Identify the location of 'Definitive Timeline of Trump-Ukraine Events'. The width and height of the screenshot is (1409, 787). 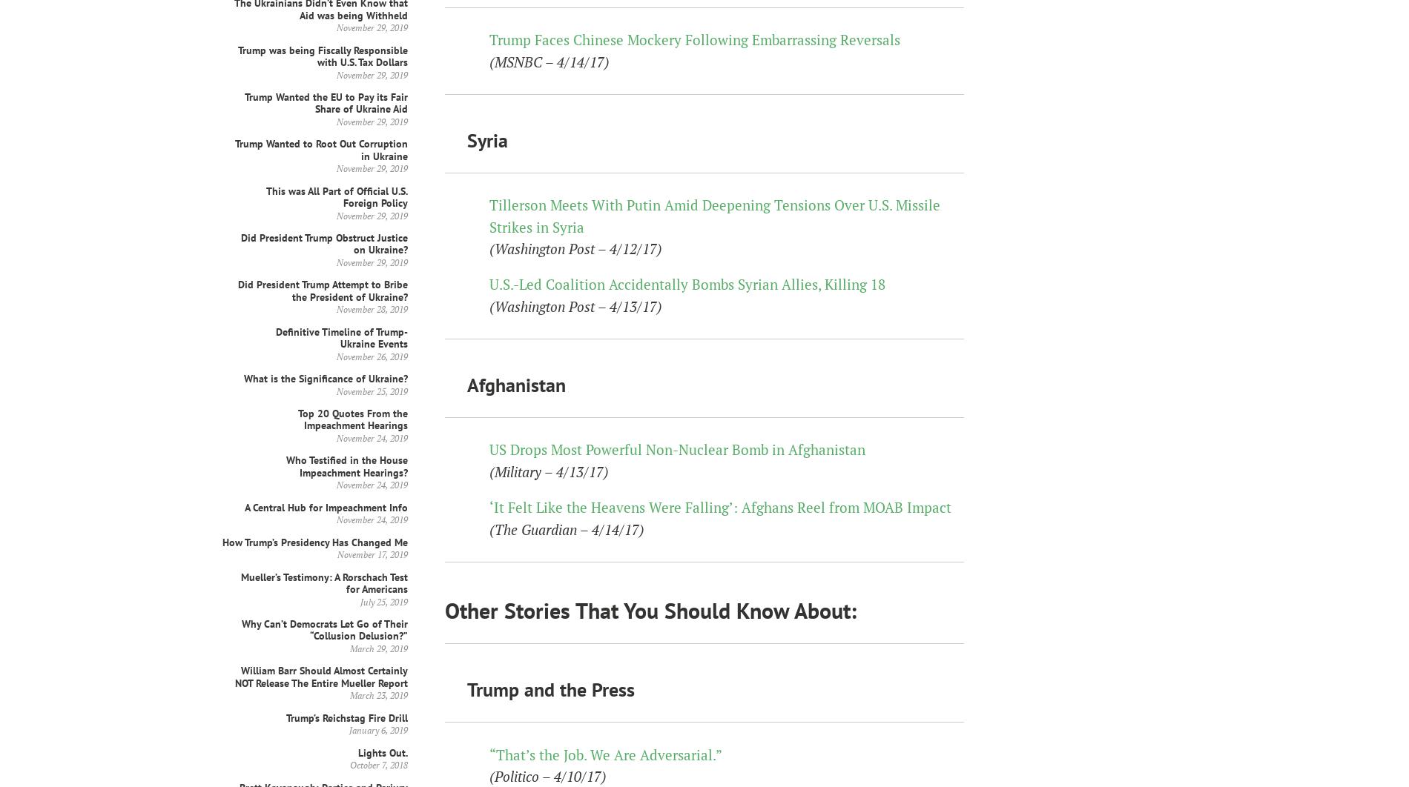
(340, 336).